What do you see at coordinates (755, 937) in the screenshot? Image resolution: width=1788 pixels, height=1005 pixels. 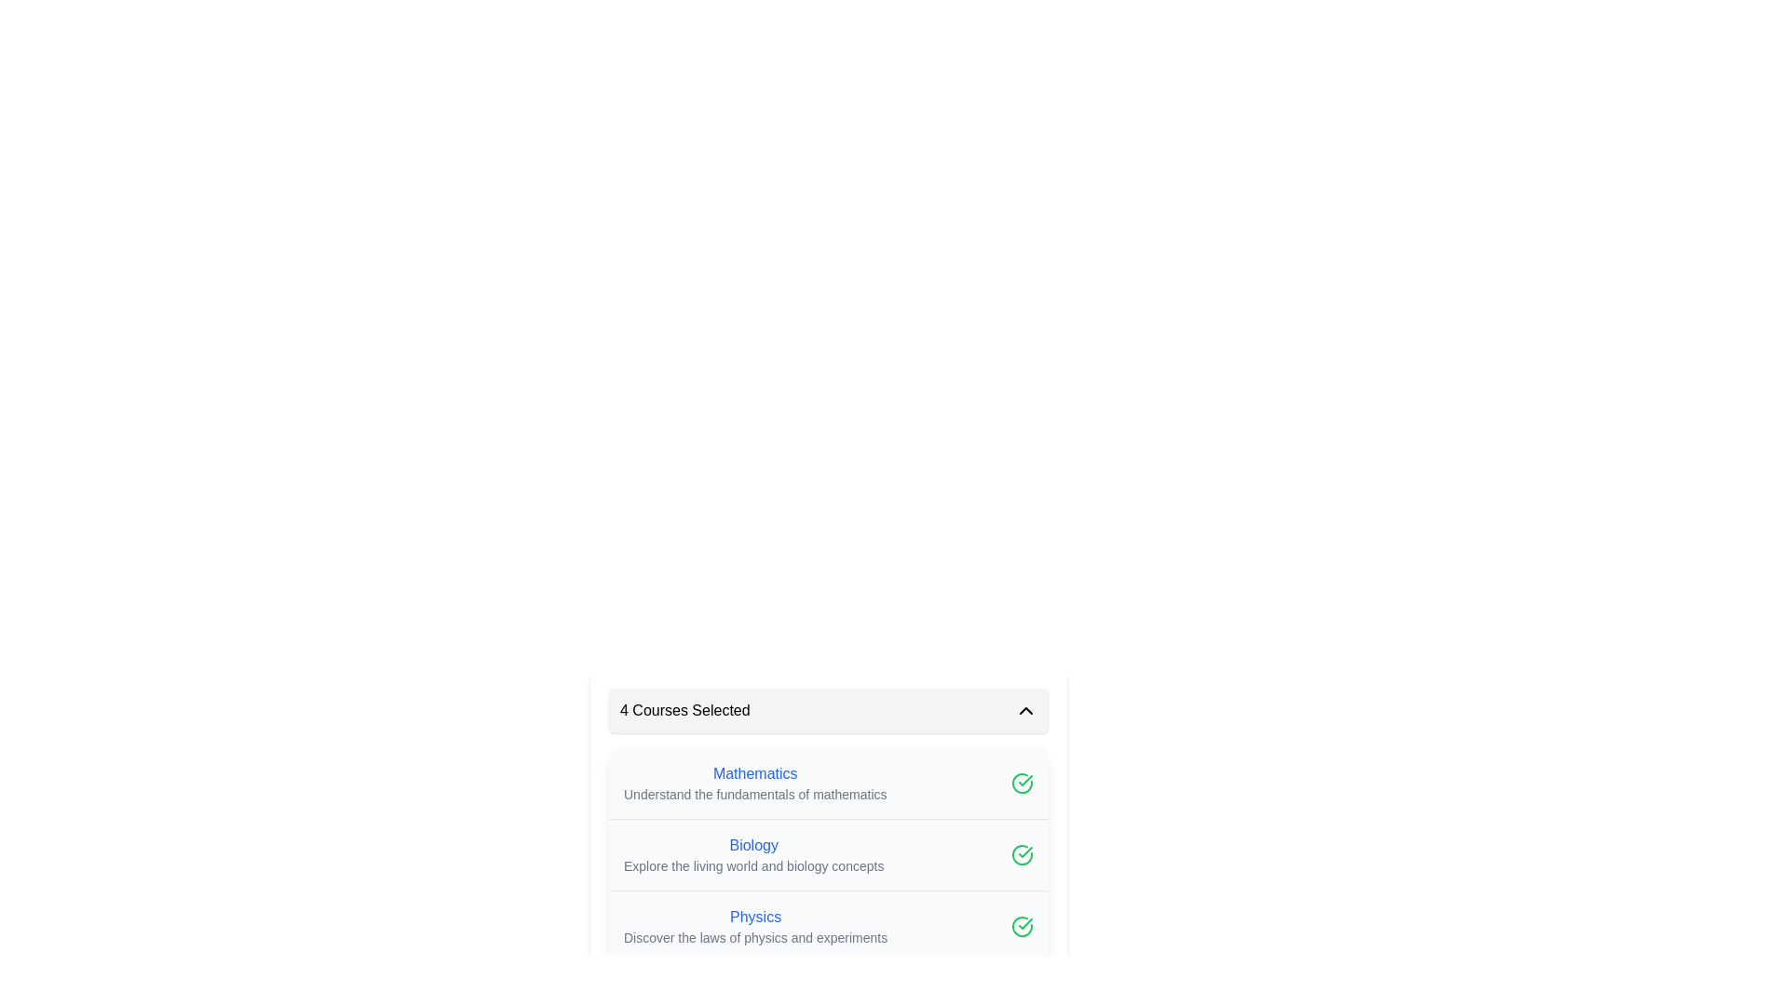 I see `the static text element that reads 'Discover the laws of physics and experiments', located directly below the 'Physics' title in the course listing` at bounding box center [755, 937].